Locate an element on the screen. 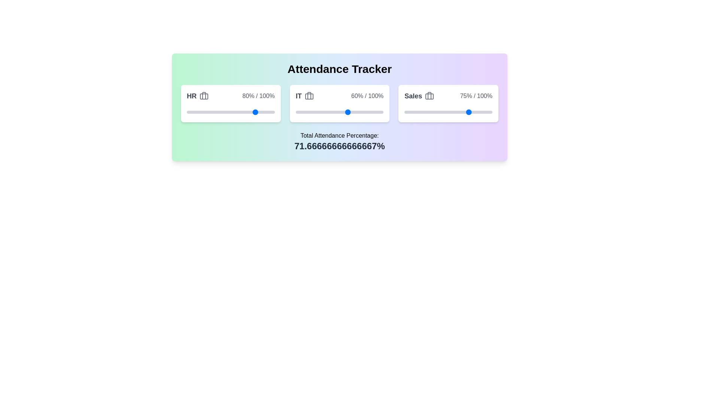  the slider value is located at coordinates (322, 112).